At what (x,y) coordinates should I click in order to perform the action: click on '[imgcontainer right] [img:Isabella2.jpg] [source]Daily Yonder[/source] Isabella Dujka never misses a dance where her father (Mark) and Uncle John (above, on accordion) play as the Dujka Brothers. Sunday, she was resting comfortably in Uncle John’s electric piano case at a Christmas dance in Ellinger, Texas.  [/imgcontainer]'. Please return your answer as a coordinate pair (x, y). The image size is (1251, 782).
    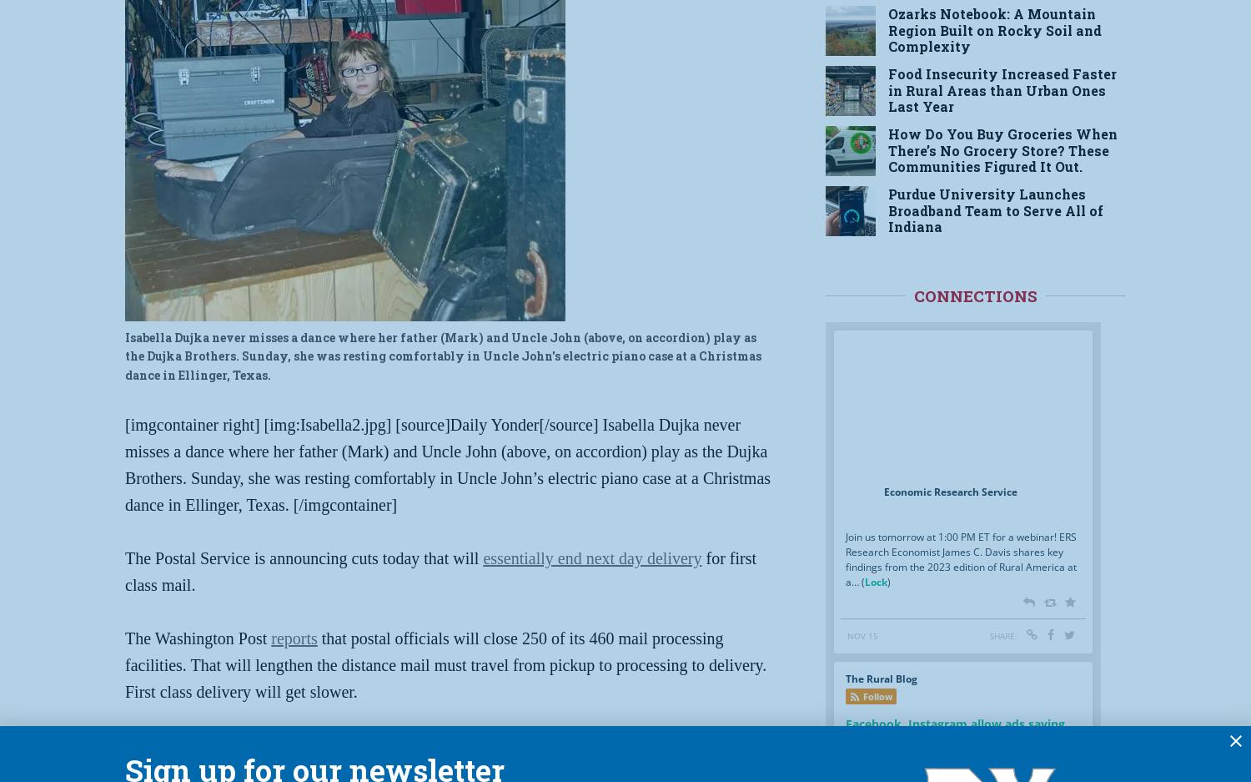
    Looking at the image, I should click on (448, 464).